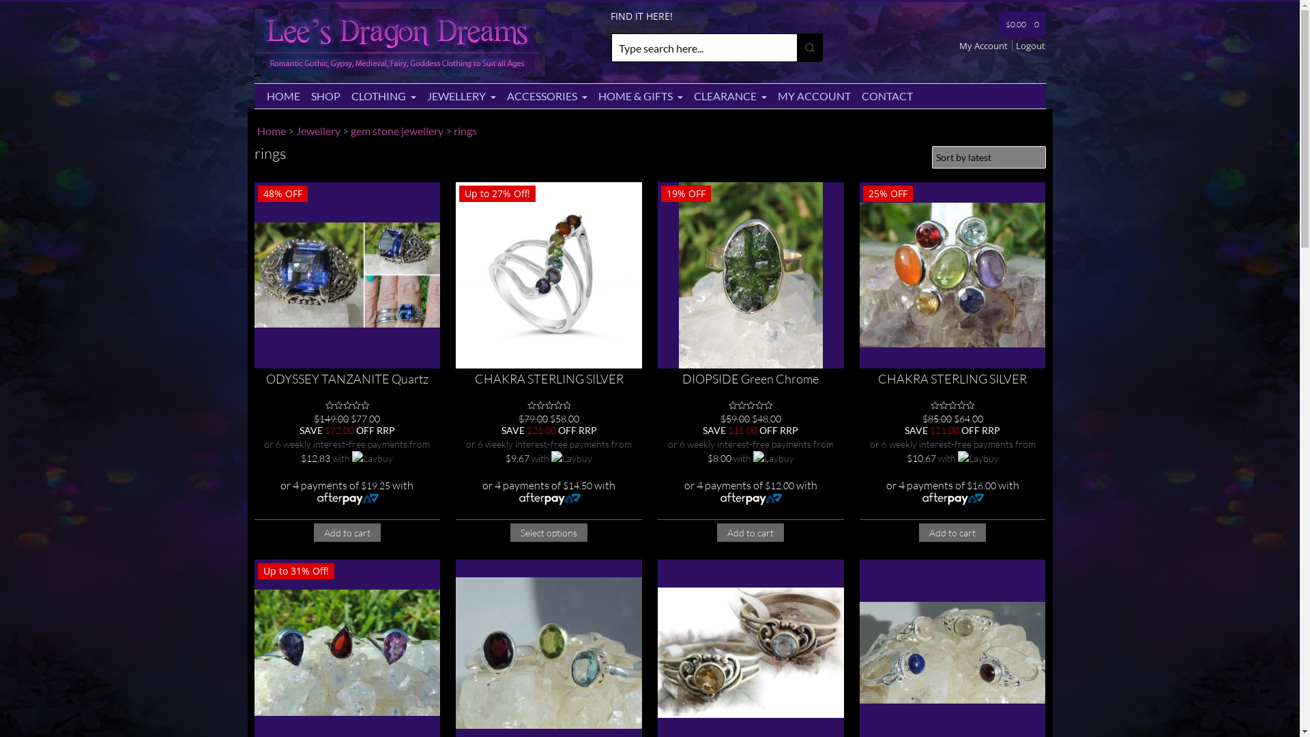 The image size is (1310, 737). Describe the element at coordinates (639, 96) in the screenshot. I see `'HOME & GIFTS'` at that location.